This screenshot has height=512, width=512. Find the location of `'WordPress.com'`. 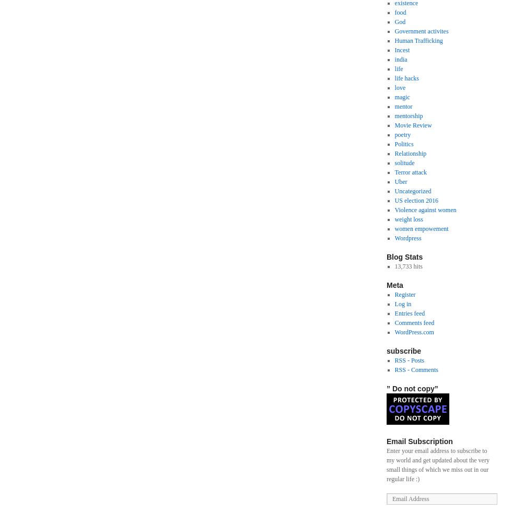

'WordPress.com' is located at coordinates (394, 332).